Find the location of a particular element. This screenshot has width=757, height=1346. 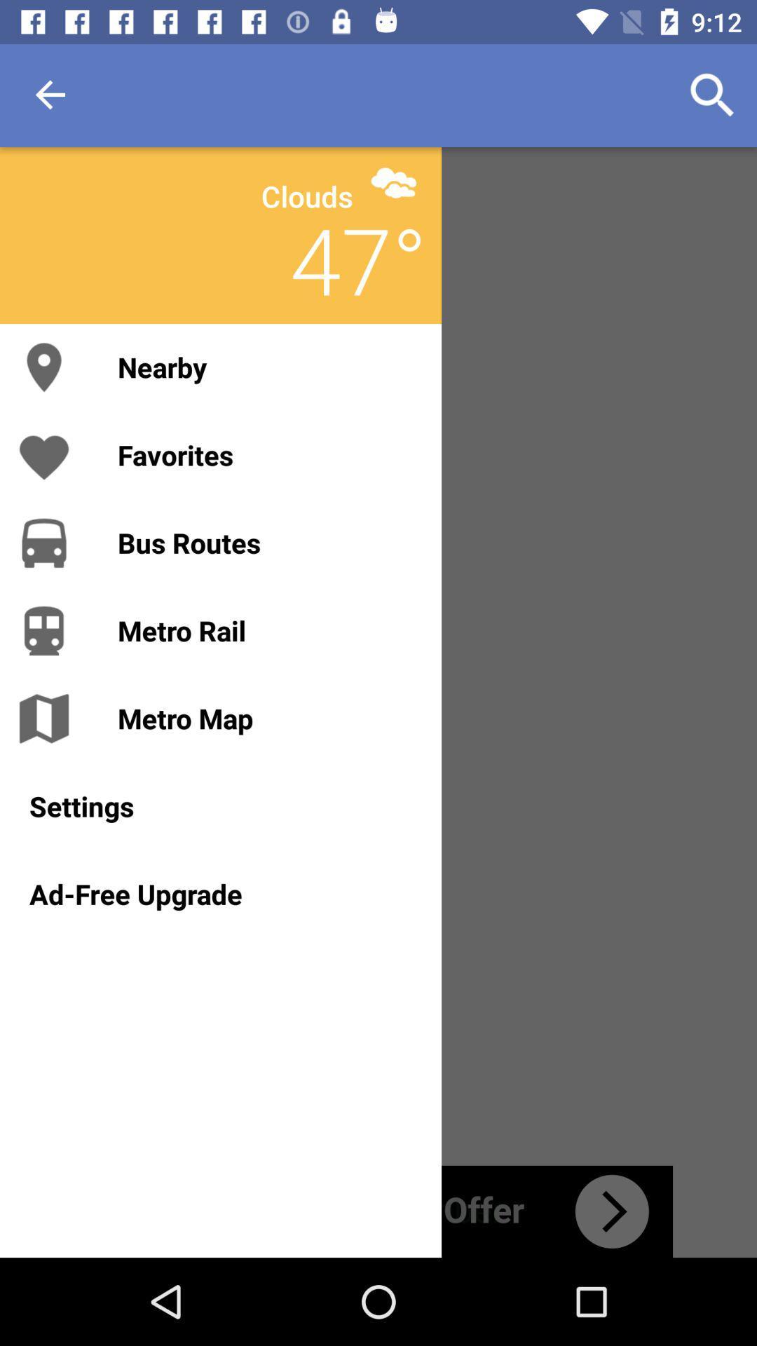

favorites icon is located at coordinates (265, 455).